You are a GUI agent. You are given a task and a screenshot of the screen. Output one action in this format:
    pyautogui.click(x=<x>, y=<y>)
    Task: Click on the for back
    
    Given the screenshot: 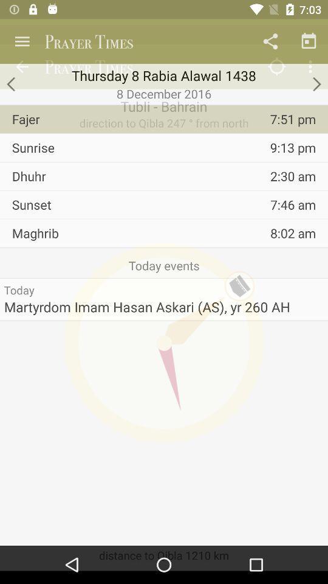 What is the action you would take?
    pyautogui.click(x=11, y=83)
    